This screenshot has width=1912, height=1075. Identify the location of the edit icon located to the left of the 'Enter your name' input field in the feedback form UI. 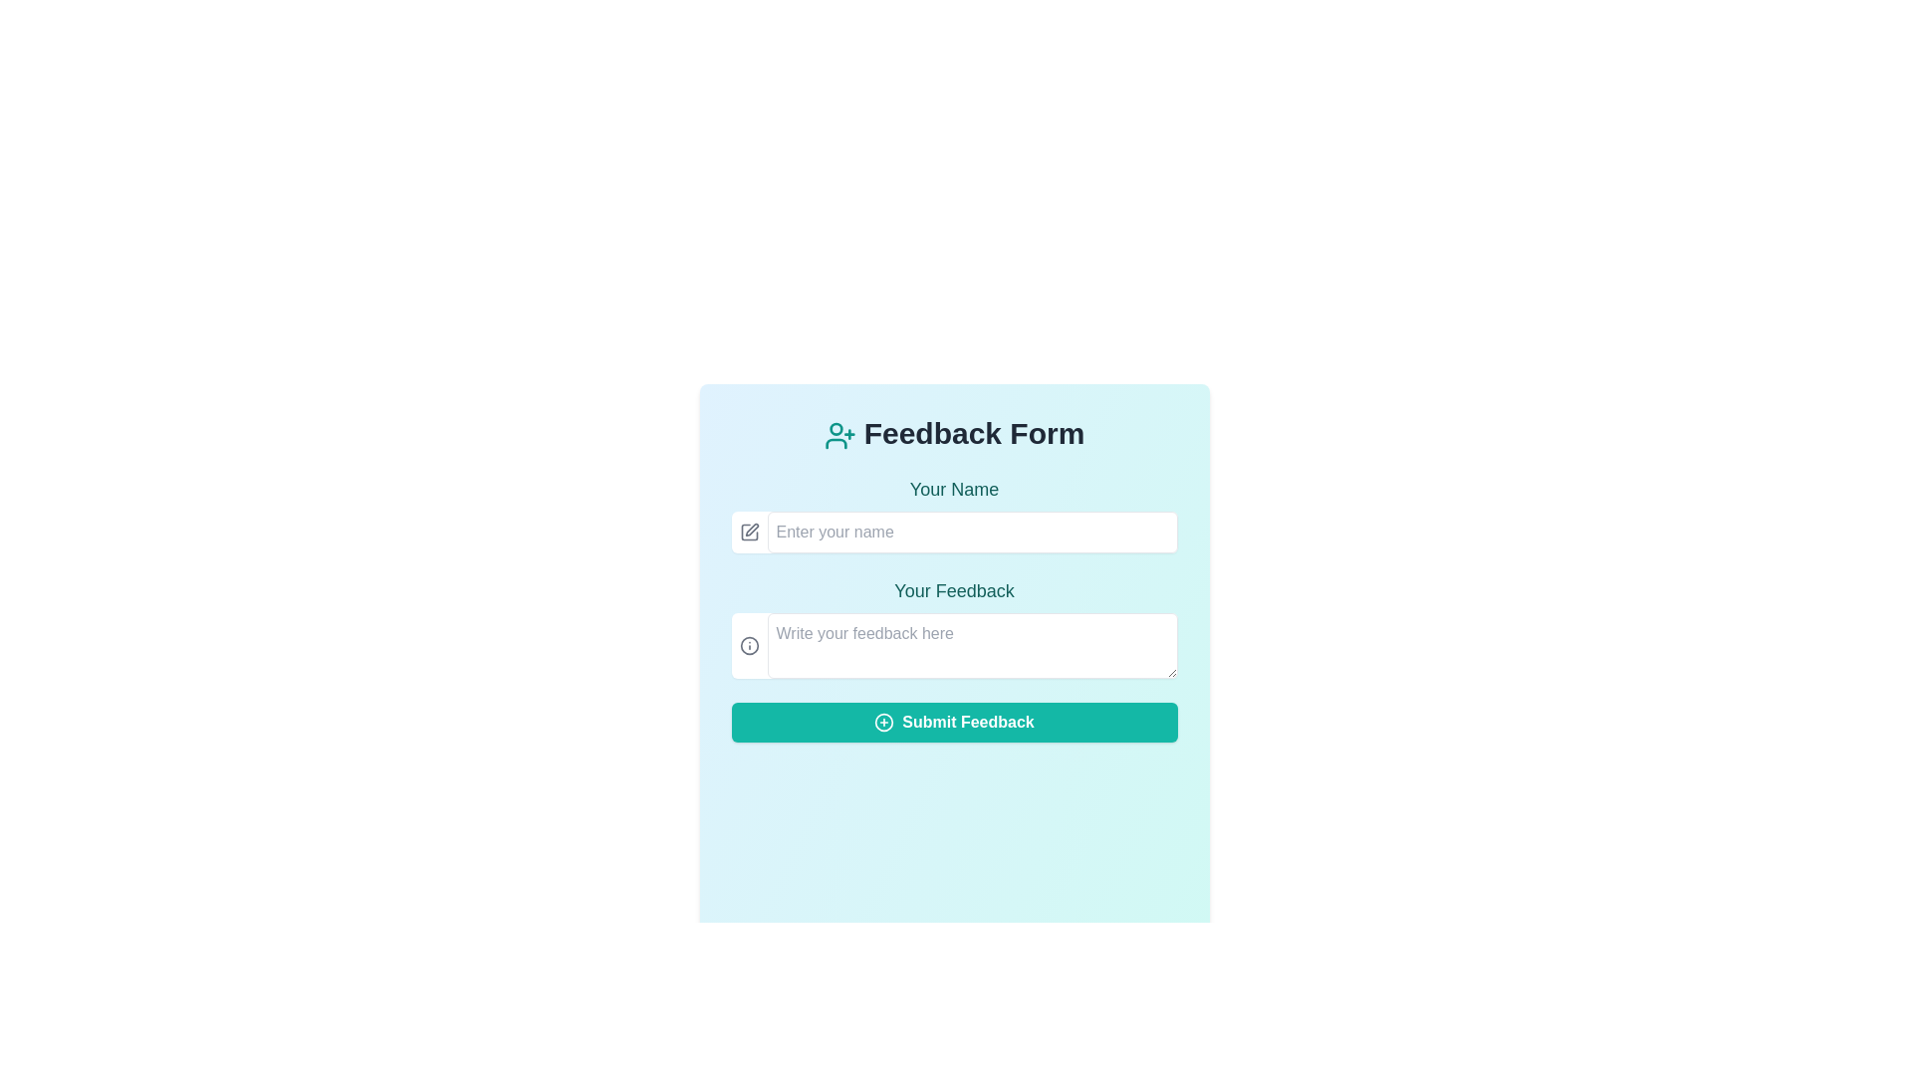
(748, 532).